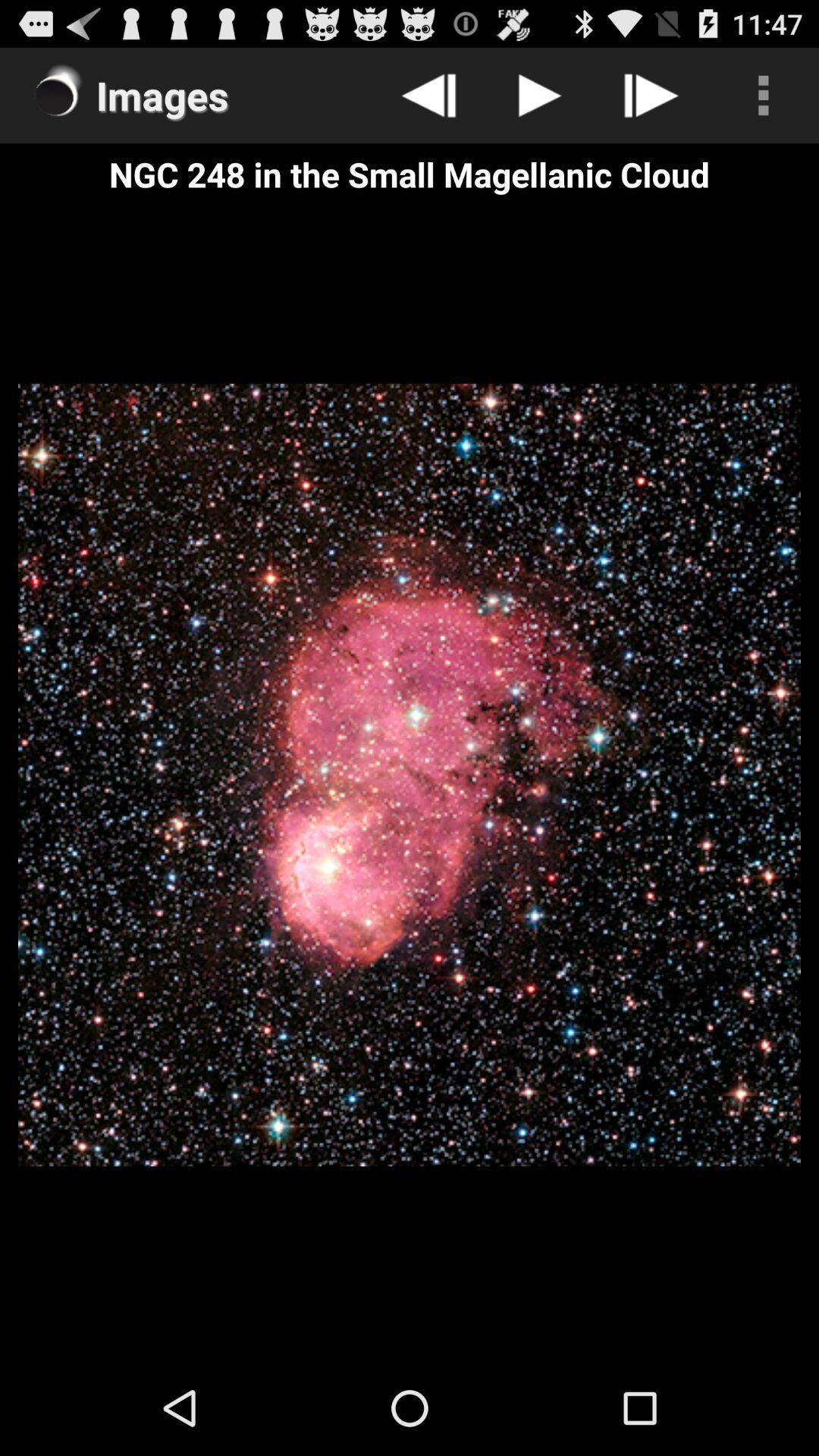  Describe the element at coordinates (428, 94) in the screenshot. I see `previous image` at that location.